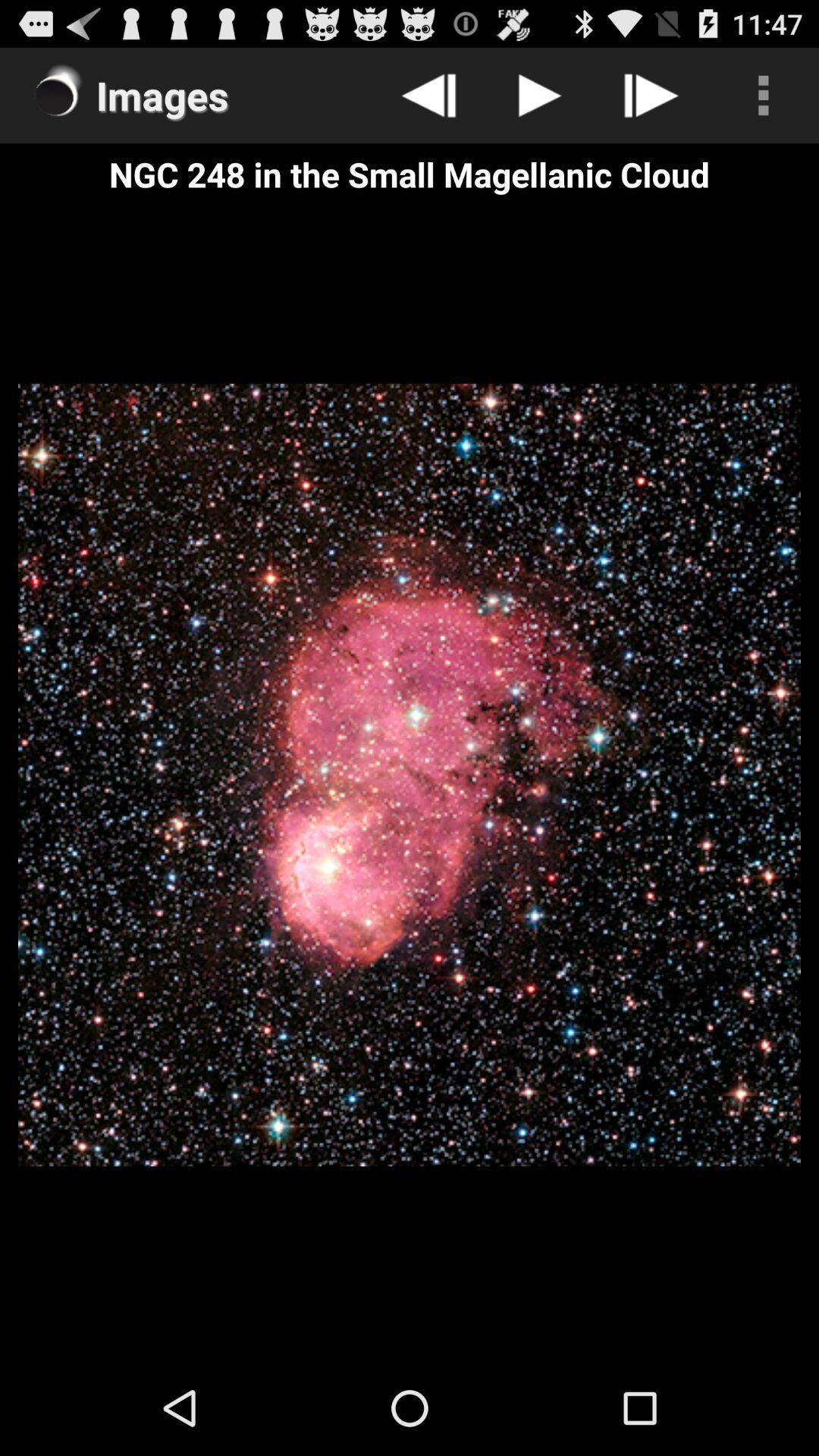  Describe the element at coordinates (428, 94) in the screenshot. I see `previous image` at that location.